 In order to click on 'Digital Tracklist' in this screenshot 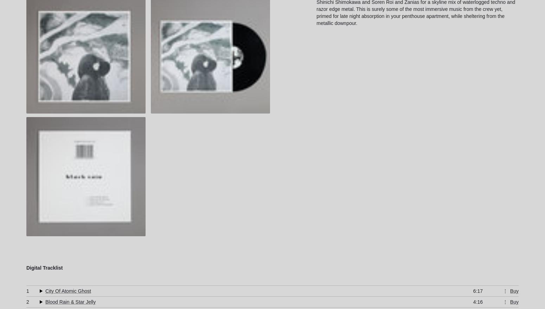, I will do `click(44, 268)`.